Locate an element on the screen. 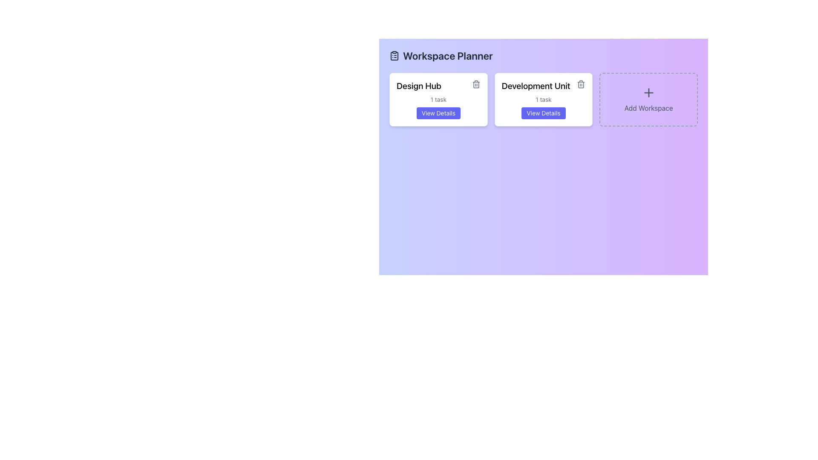 This screenshot has width=818, height=460. the text label that states '1 task', which is styled in a small font size and grey color, located below the title 'Development Unit' in the second card on the interface is located at coordinates (543, 99).